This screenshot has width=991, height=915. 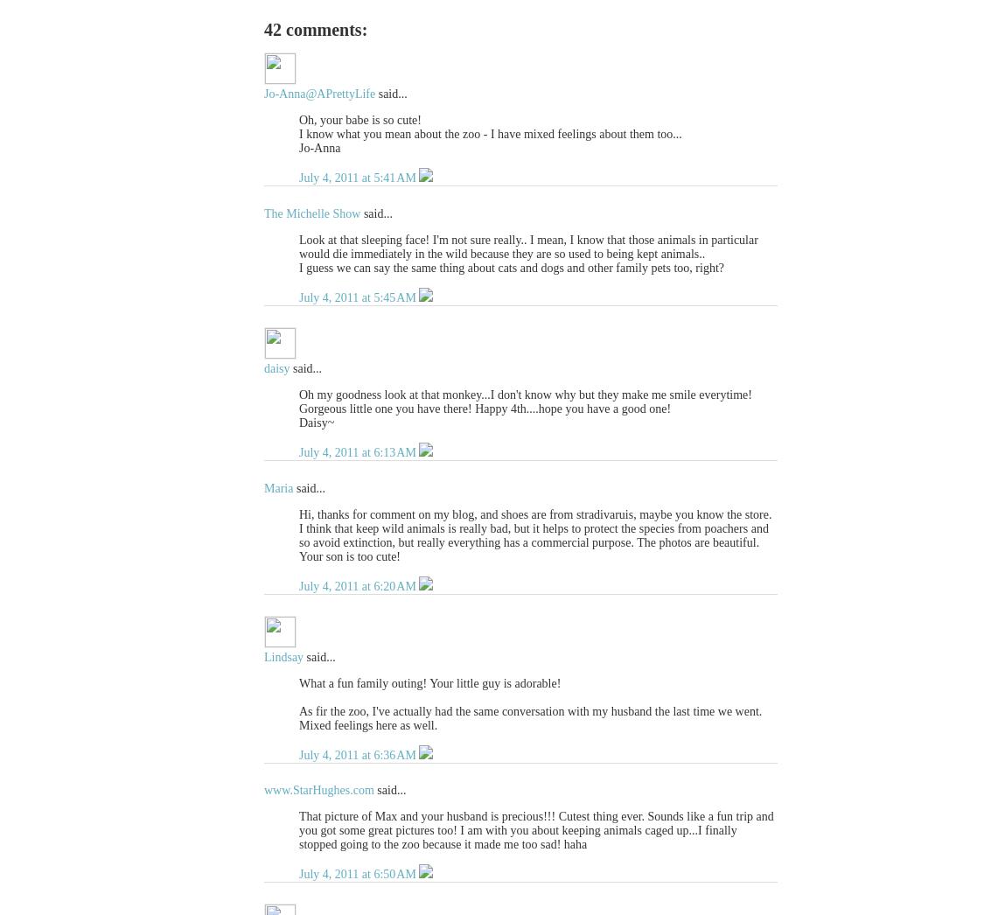 I want to click on 'Hi, thanks for comment on my blog, and shoes are from stradivaruis, maybe you know the store.', so click(x=534, y=513).